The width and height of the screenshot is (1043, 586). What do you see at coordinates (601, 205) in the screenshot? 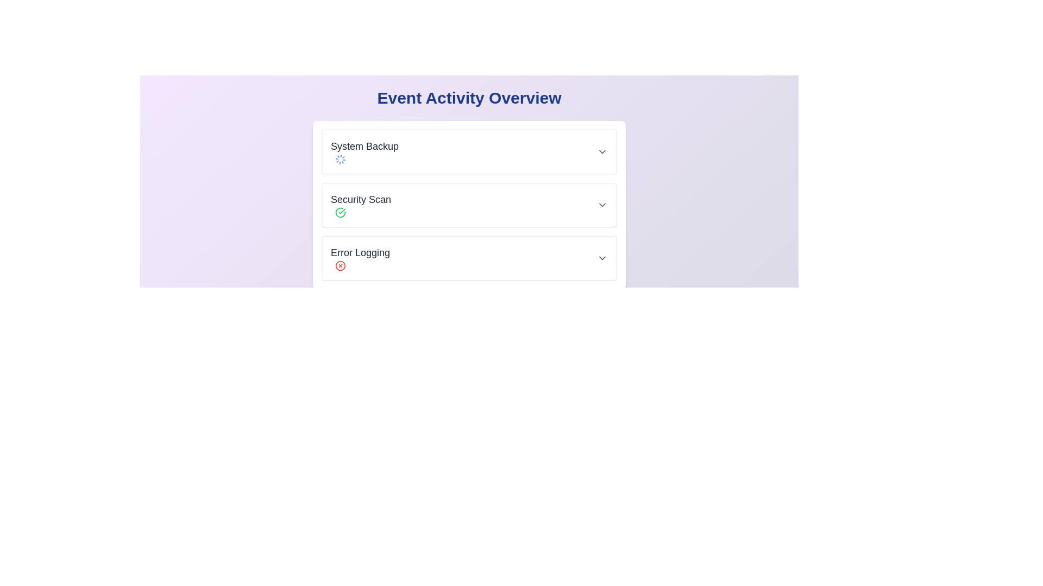
I see `the Dropdown toggle button located at the far right of the 'Security Scan' section` at bounding box center [601, 205].